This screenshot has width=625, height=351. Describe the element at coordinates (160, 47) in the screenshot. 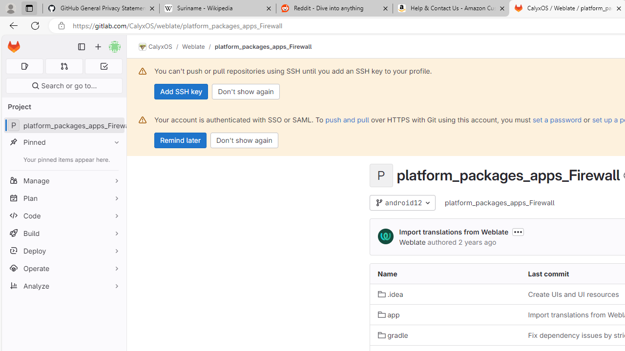

I see `'CalyxOS/'` at that location.